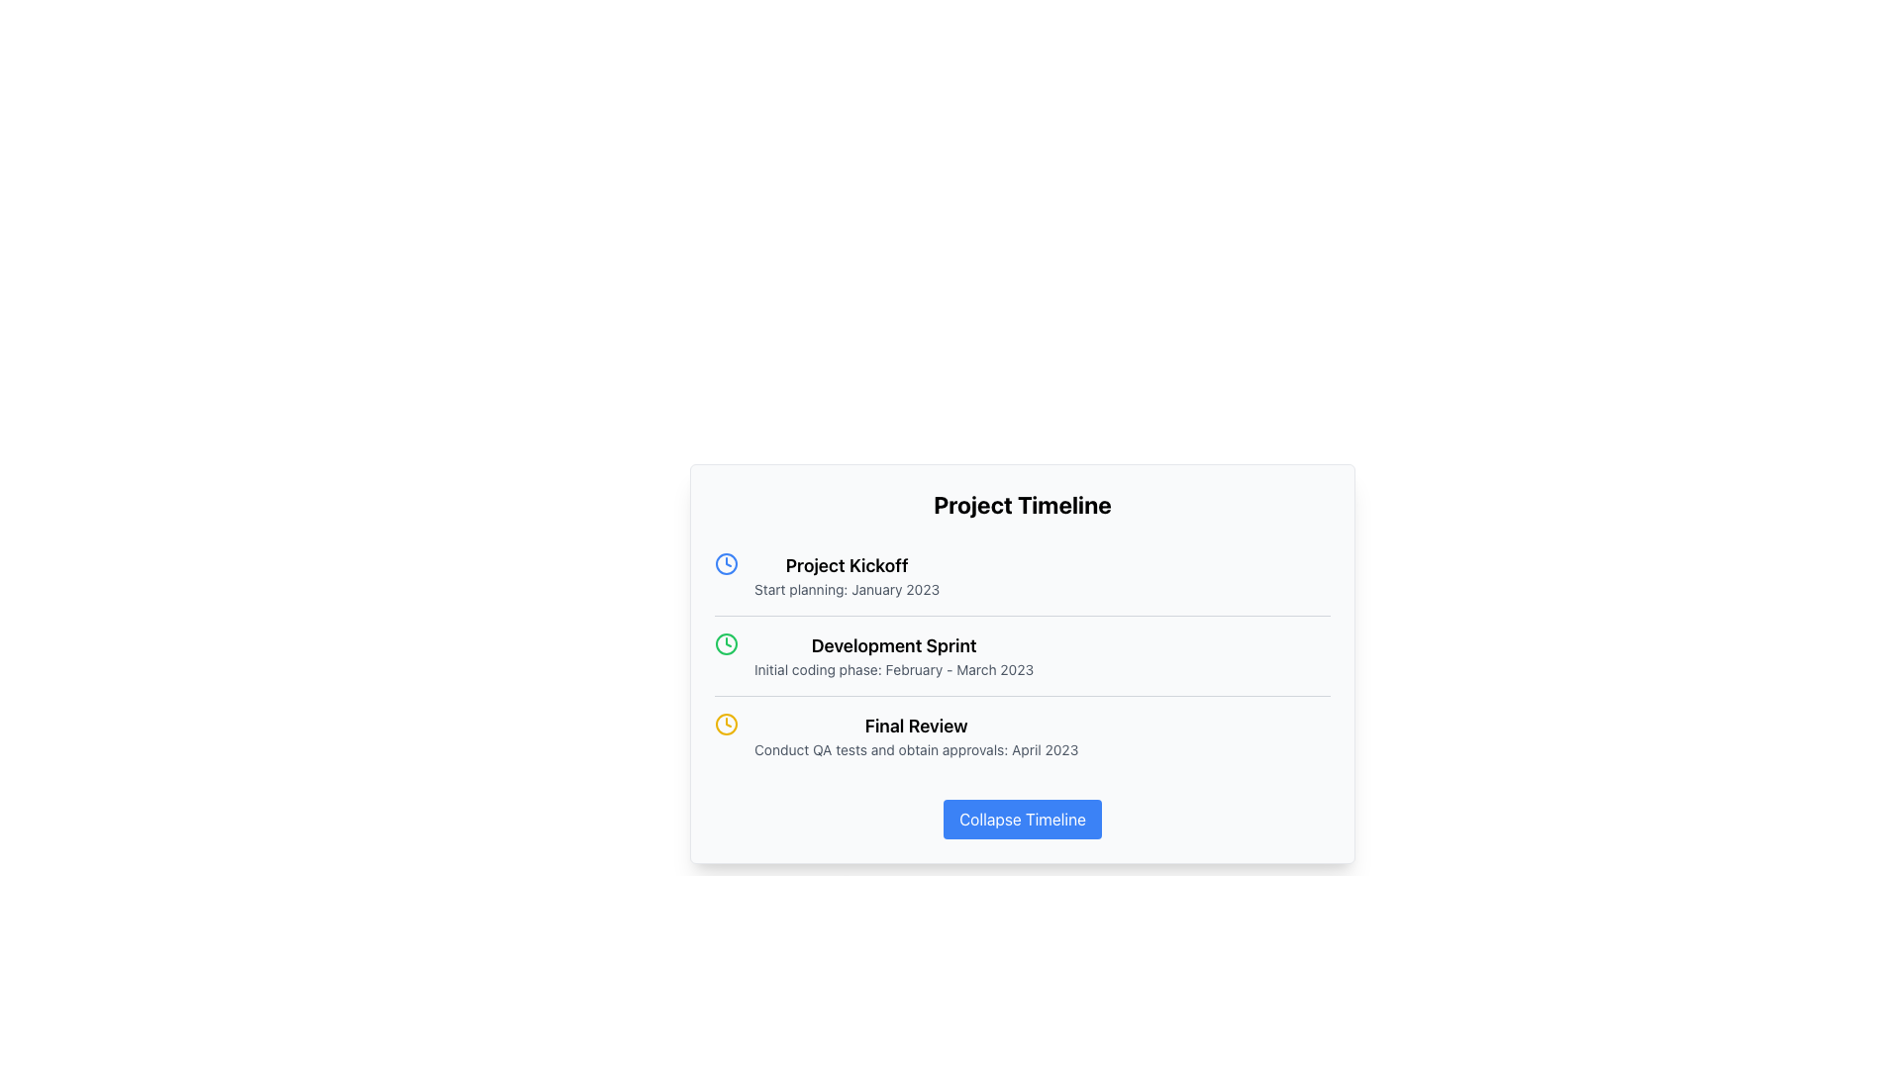 The width and height of the screenshot is (1901, 1069). What do you see at coordinates (1022, 656) in the screenshot?
I see `the 'Development Sprint' Timeline Entry Item, which is the second entry in the project timeline list` at bounding box center [1022, 656].